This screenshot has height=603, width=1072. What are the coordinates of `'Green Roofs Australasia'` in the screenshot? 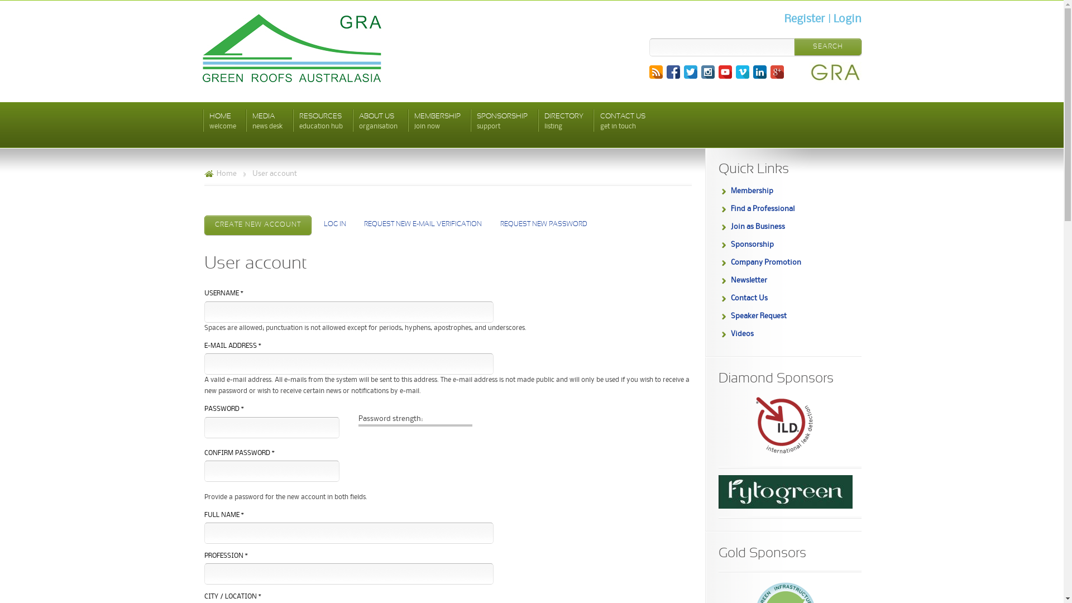 It's located at (293, 79).